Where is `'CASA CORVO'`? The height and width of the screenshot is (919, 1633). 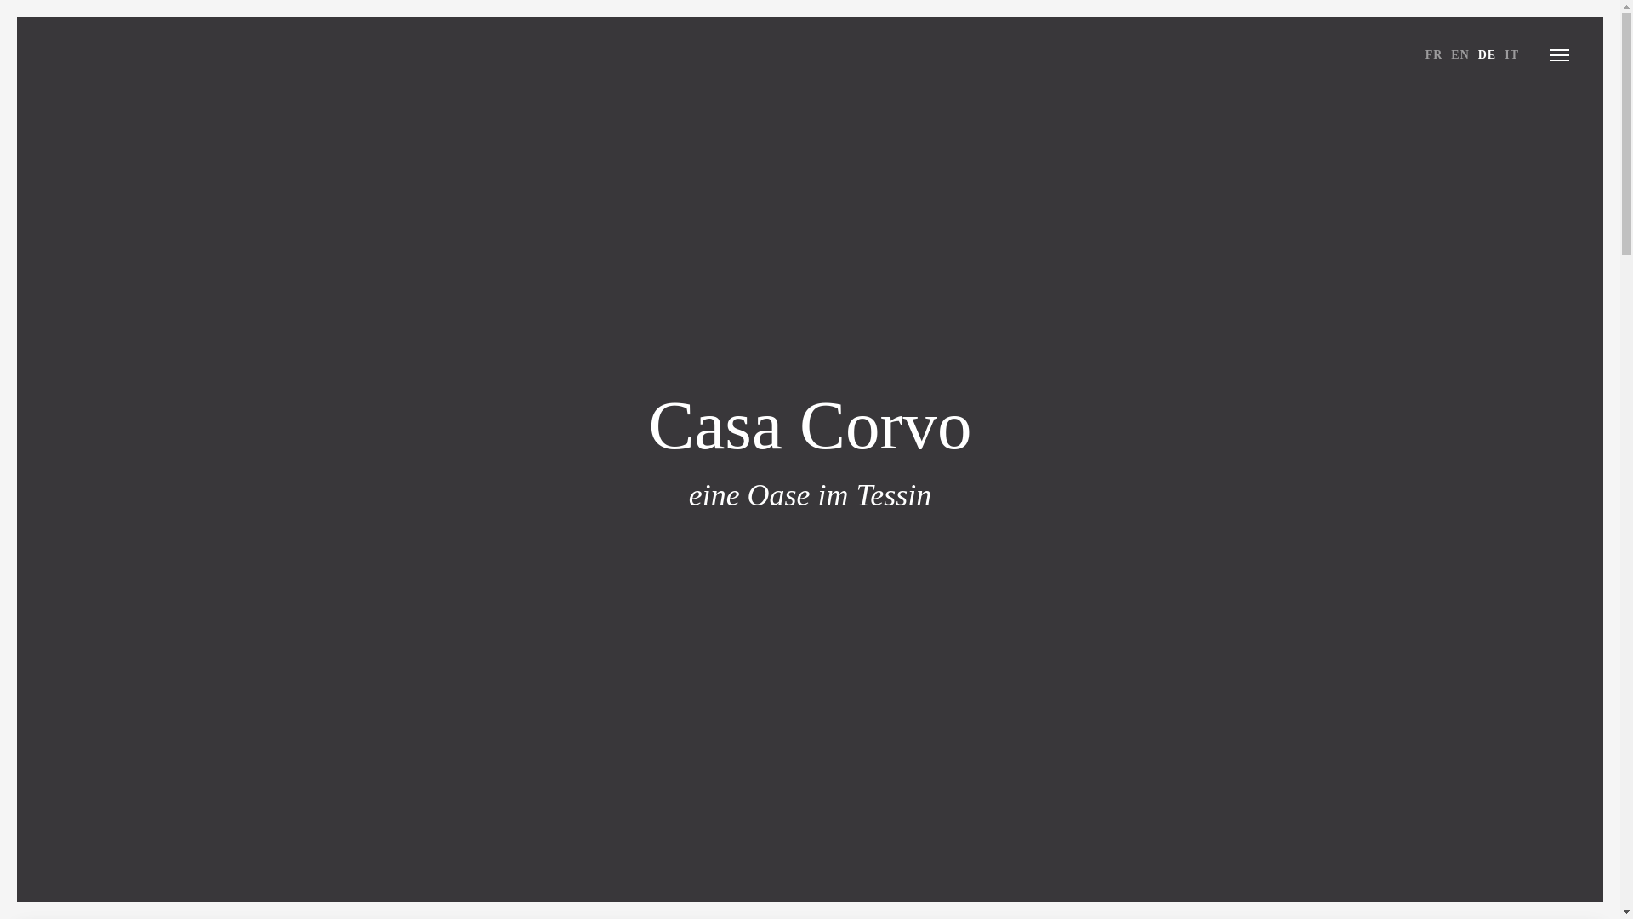
'CASA CORVO' is located at coordinates (76, 54).